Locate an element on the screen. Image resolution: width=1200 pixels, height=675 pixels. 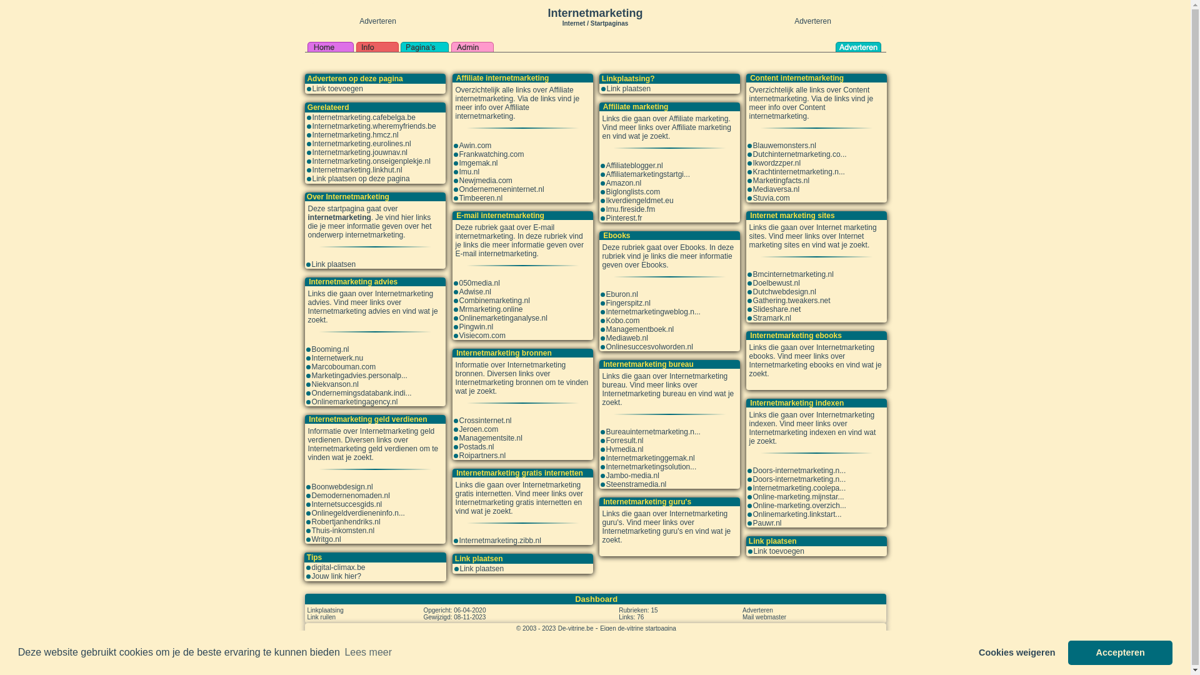
'Internetmarketing.linkhut.nl' is located at coordinates (356, 170).